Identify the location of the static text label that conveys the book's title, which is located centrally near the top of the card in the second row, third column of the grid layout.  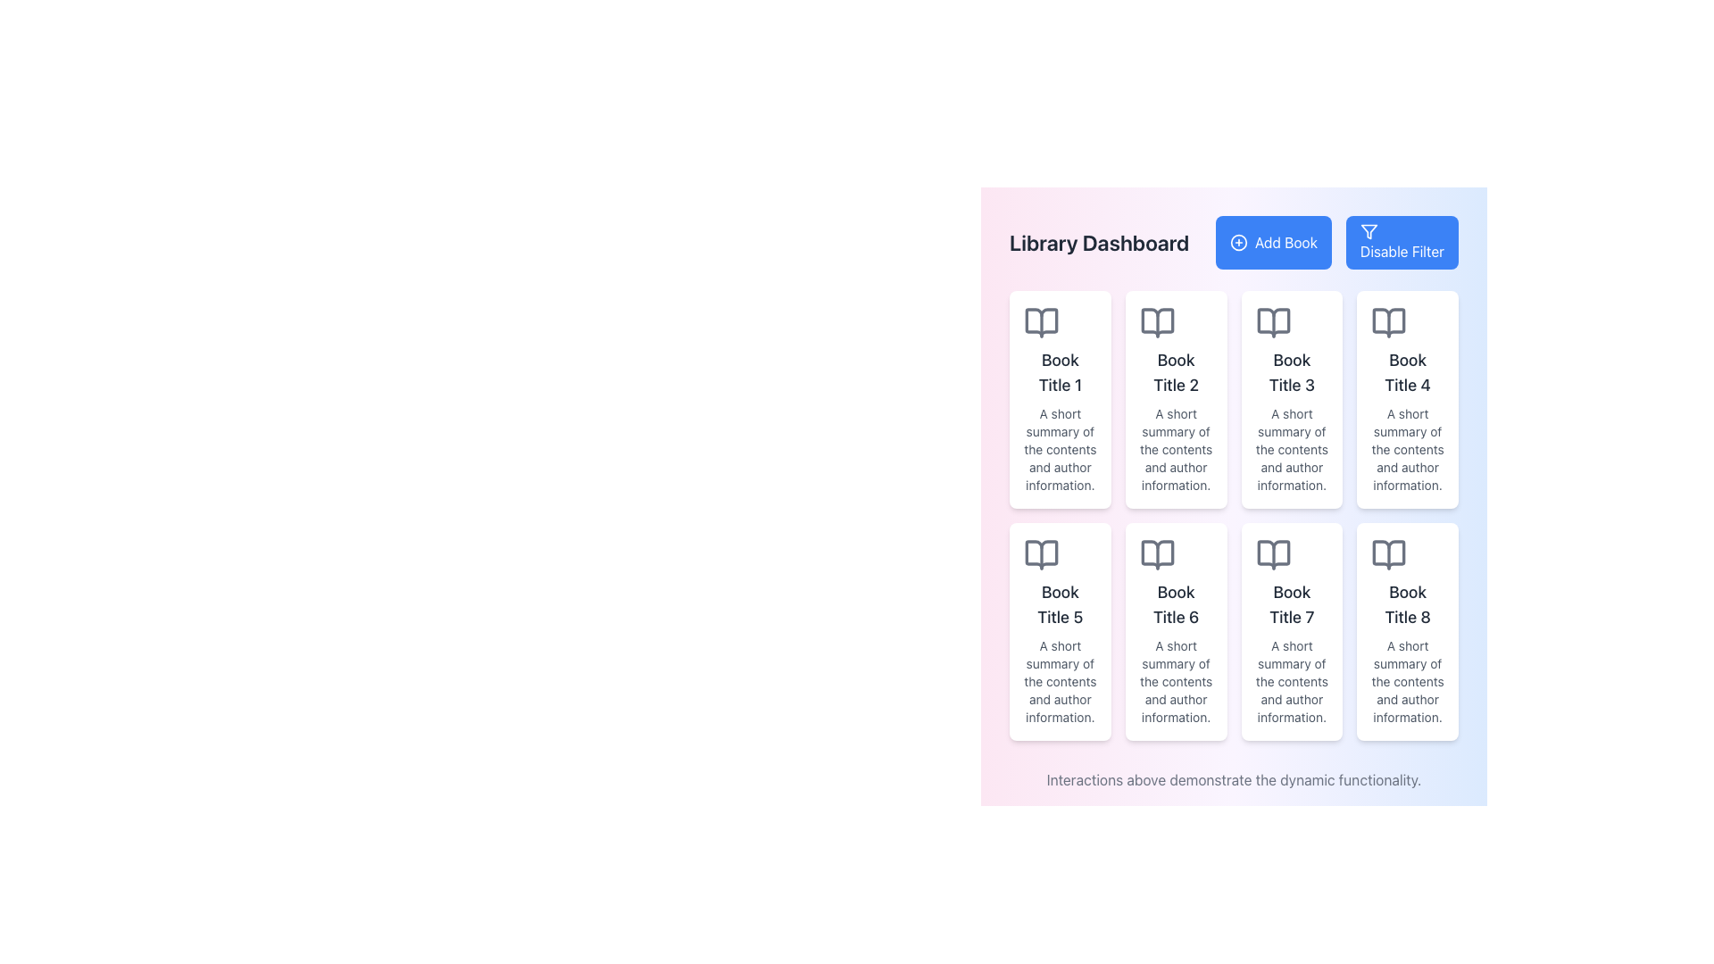
(1292, 604).